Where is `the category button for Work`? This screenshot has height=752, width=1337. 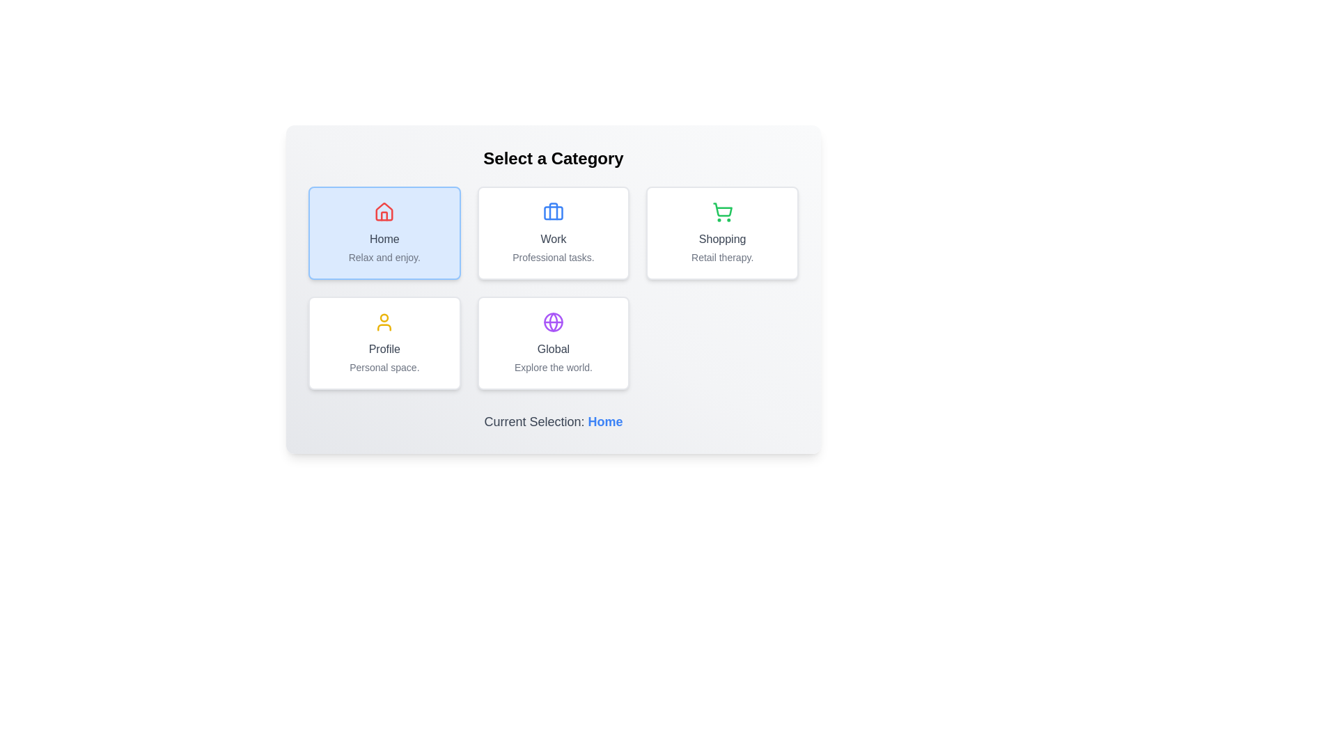
the category button for Work is located at coordinates (553, 233).